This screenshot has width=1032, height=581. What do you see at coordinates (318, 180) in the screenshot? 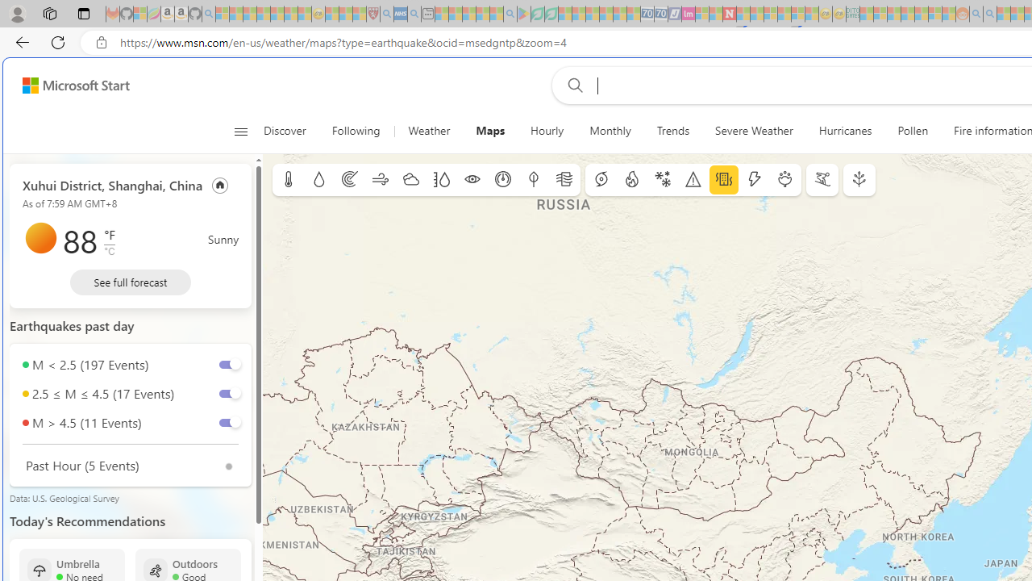
I see `'Precipitation'` at bounding box center [318, 180].